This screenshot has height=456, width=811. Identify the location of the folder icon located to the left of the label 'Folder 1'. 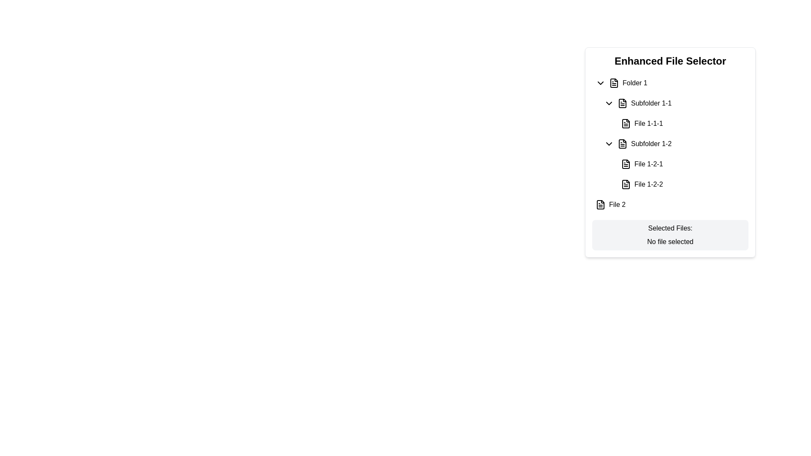
(614, 83).